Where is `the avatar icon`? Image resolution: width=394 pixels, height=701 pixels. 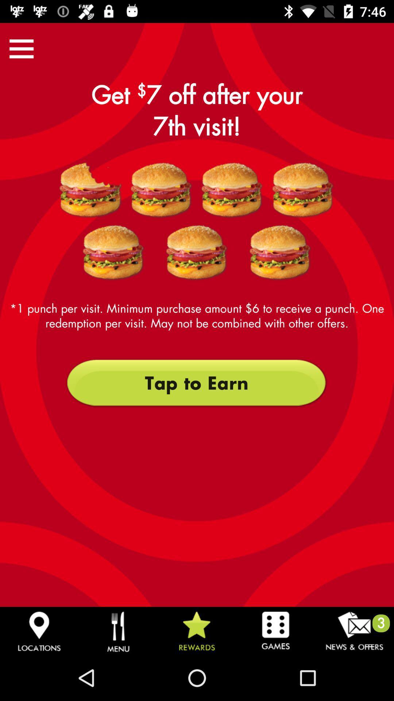
the avatar icon is located at coordinates (90, 190).